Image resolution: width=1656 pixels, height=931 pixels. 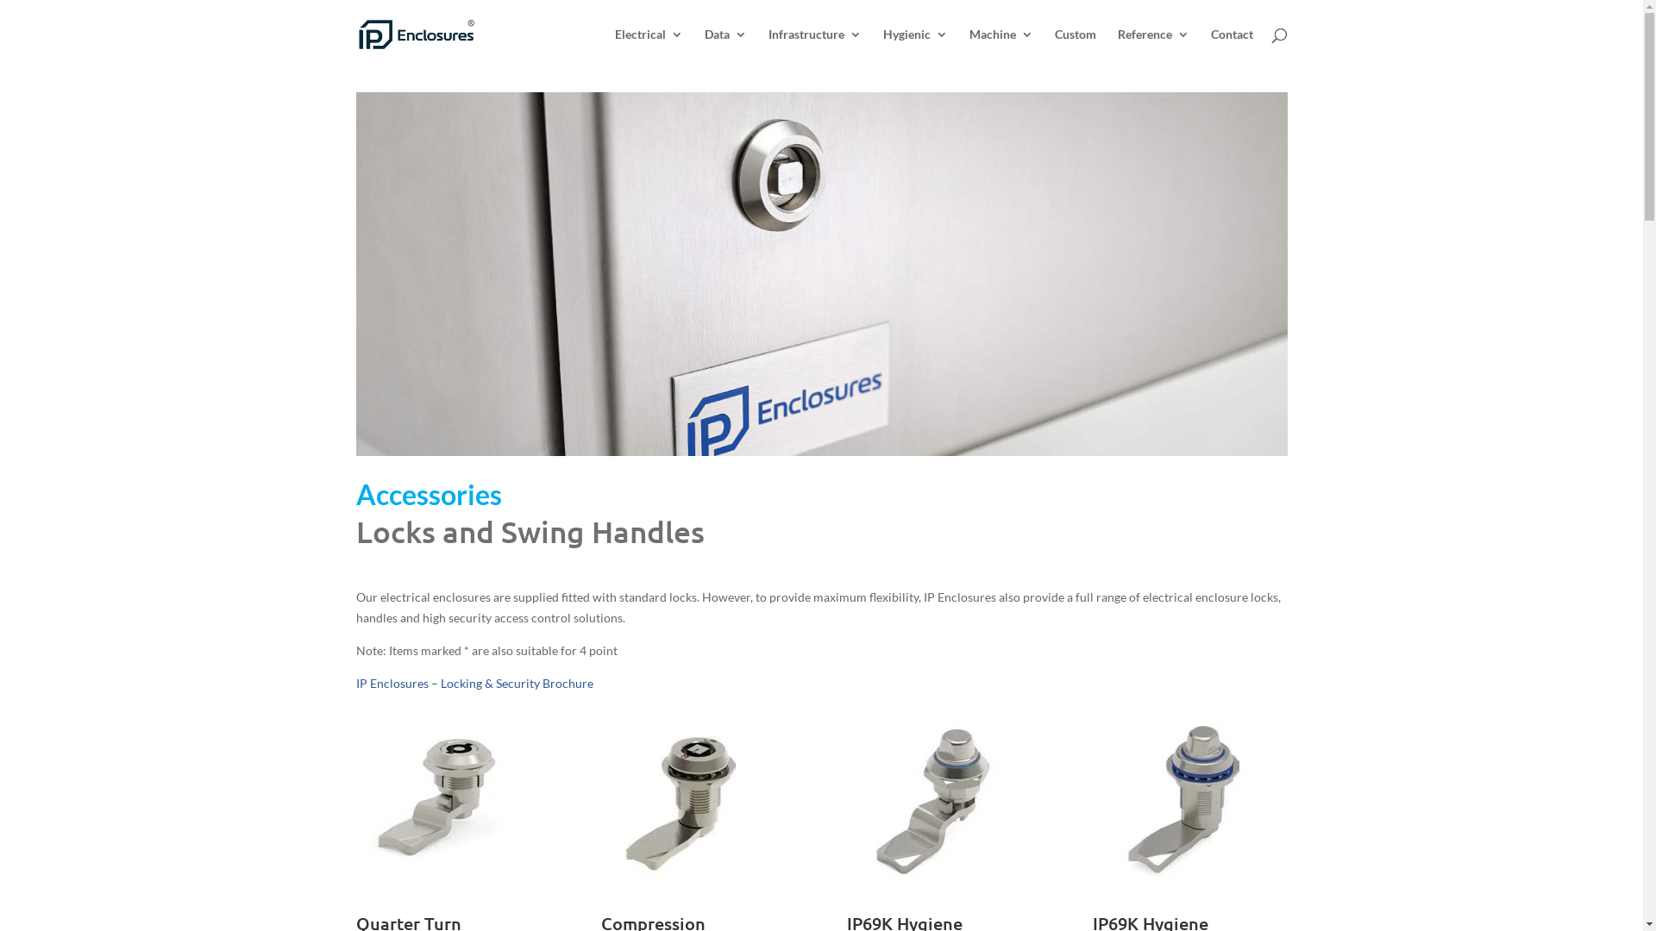 I want to click on 'Machine', so click(x=969, y=47).